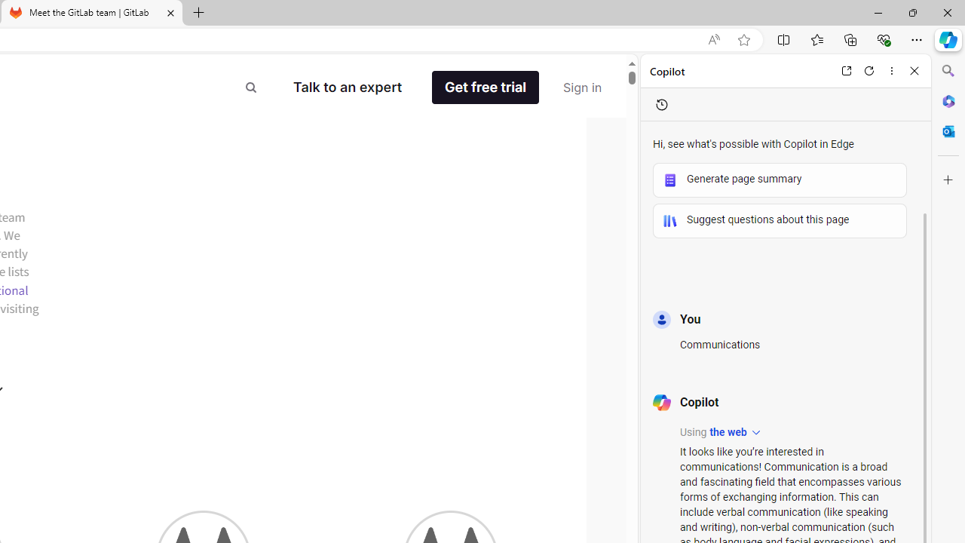  What do you see at coordinates (347, 87) in the screenshot?
I see `'Talk to an expert'` at bounding box center [347, 87].